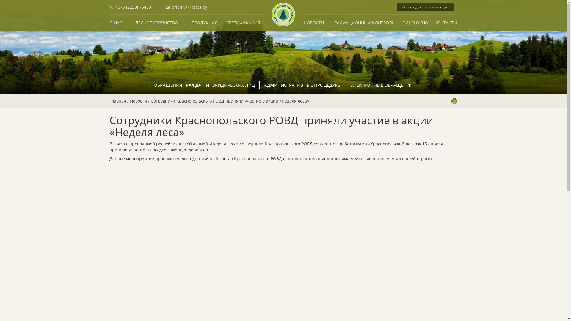 The height and width of the screenshot is (321, 571). Describe the element at coordinates (186, 7) in the screenshot. I see `'priem@krasles.by'` at that location.